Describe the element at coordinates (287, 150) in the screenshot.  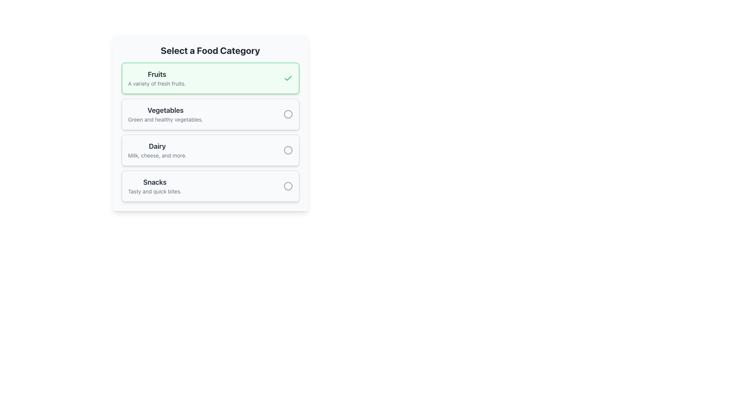
I see `the 'Dairy' category radio button` at that location.